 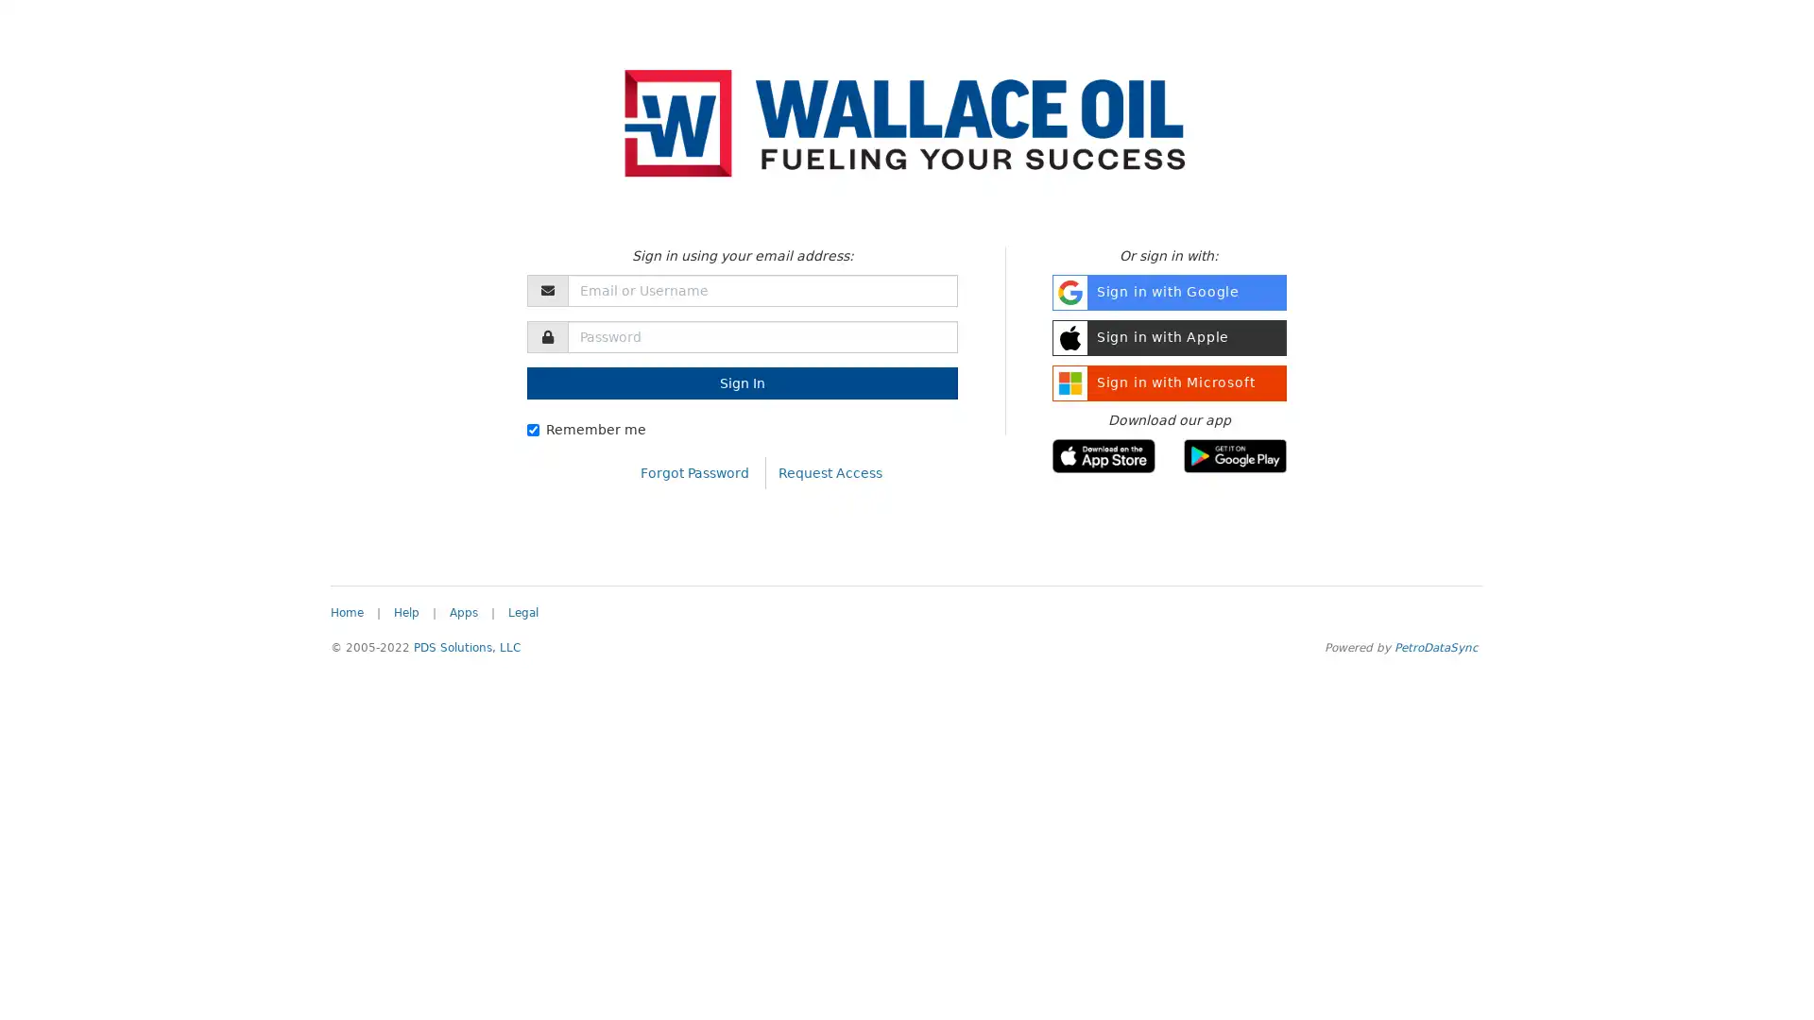 What do you see at coordinates (742, 382) in the screenshot?
I see `Sign In` at bounding box center [742, 382].